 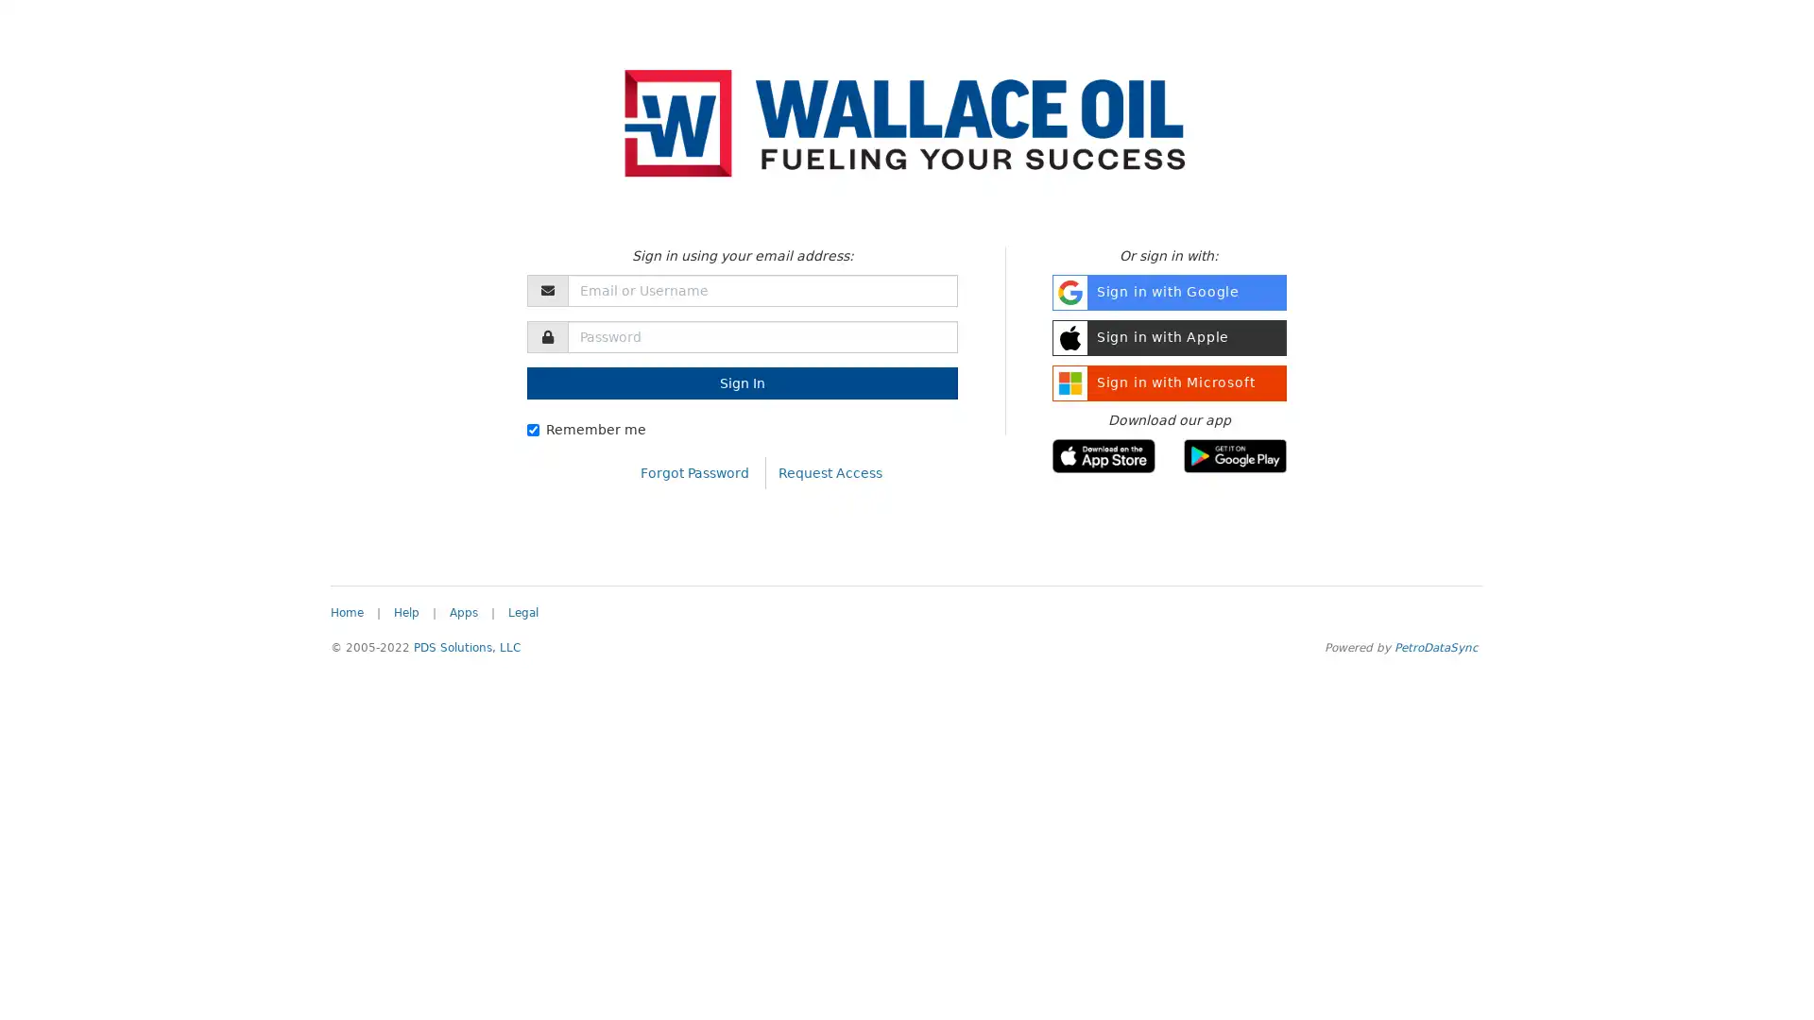 What do you see at coordinates (742, 382) in the screenshot?
I see `Sign In` at bounding box center [742, 382].